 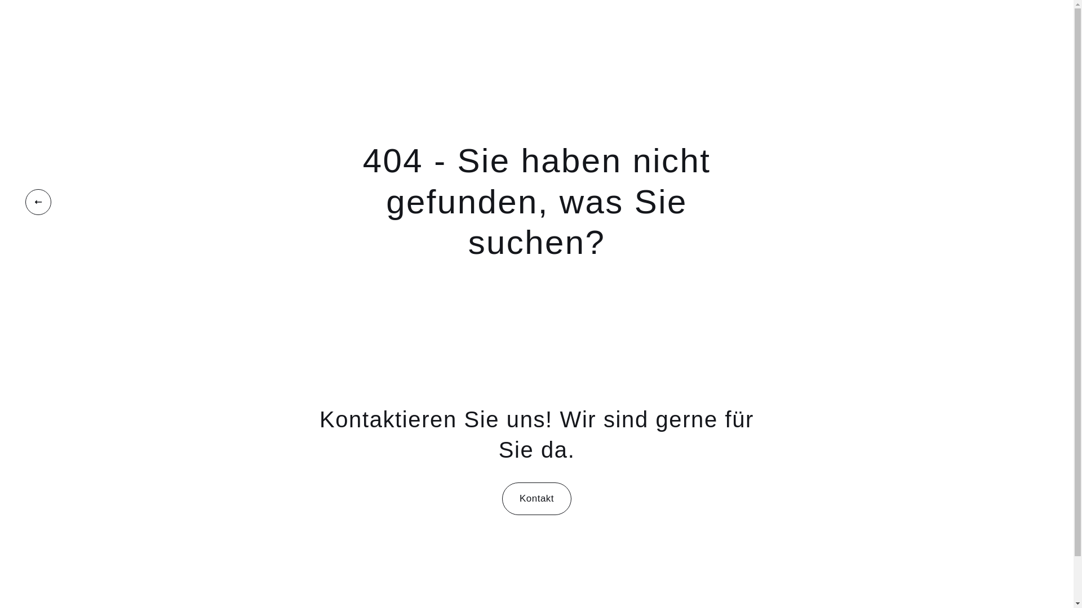 I want to click on 'Kontakt', so click(x=502, y=498).